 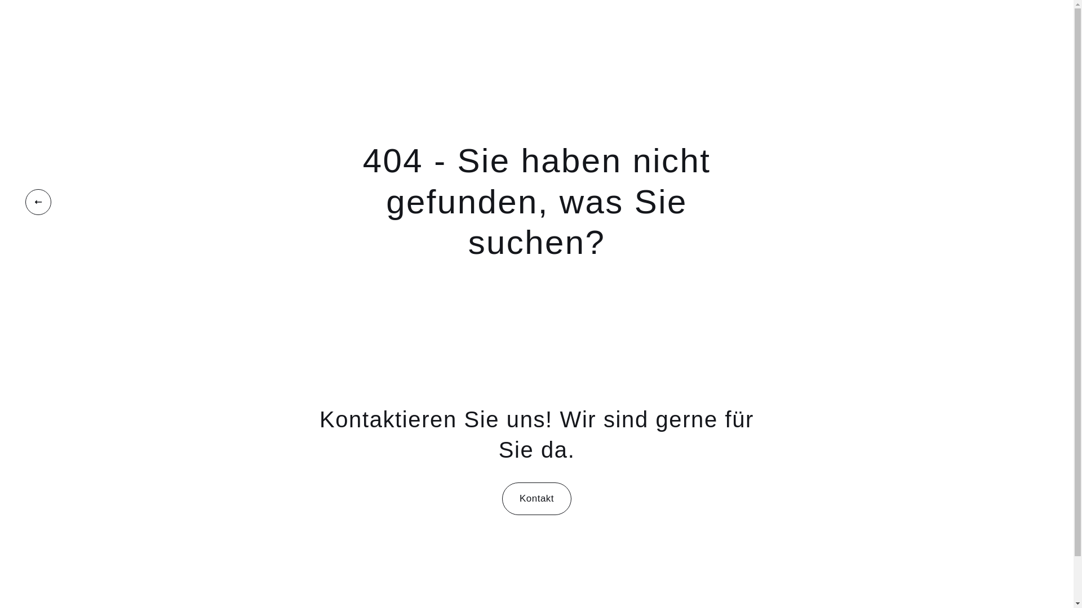 I want to click on 'Kontakt', so click(x=502, y=498).